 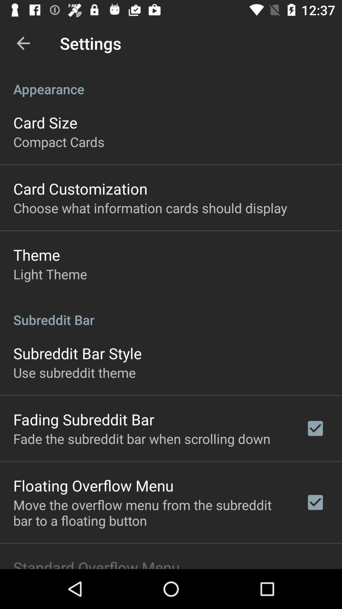 I want to click on the appearance, so click(x=171, y=82).